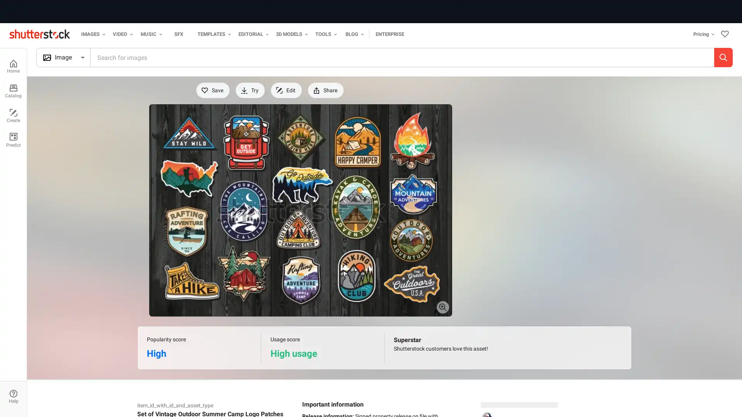 This screenshot has height=417, width=742. What do you see at coordinates (636, 34) in the screenshot?
I see `Pricing` at bounding box center [636, 34].